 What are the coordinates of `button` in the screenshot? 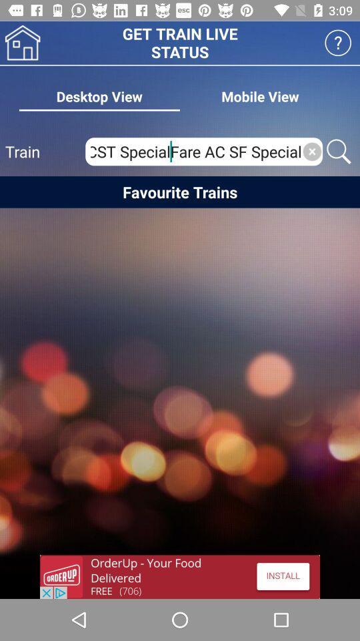 It's located at (312, 152).